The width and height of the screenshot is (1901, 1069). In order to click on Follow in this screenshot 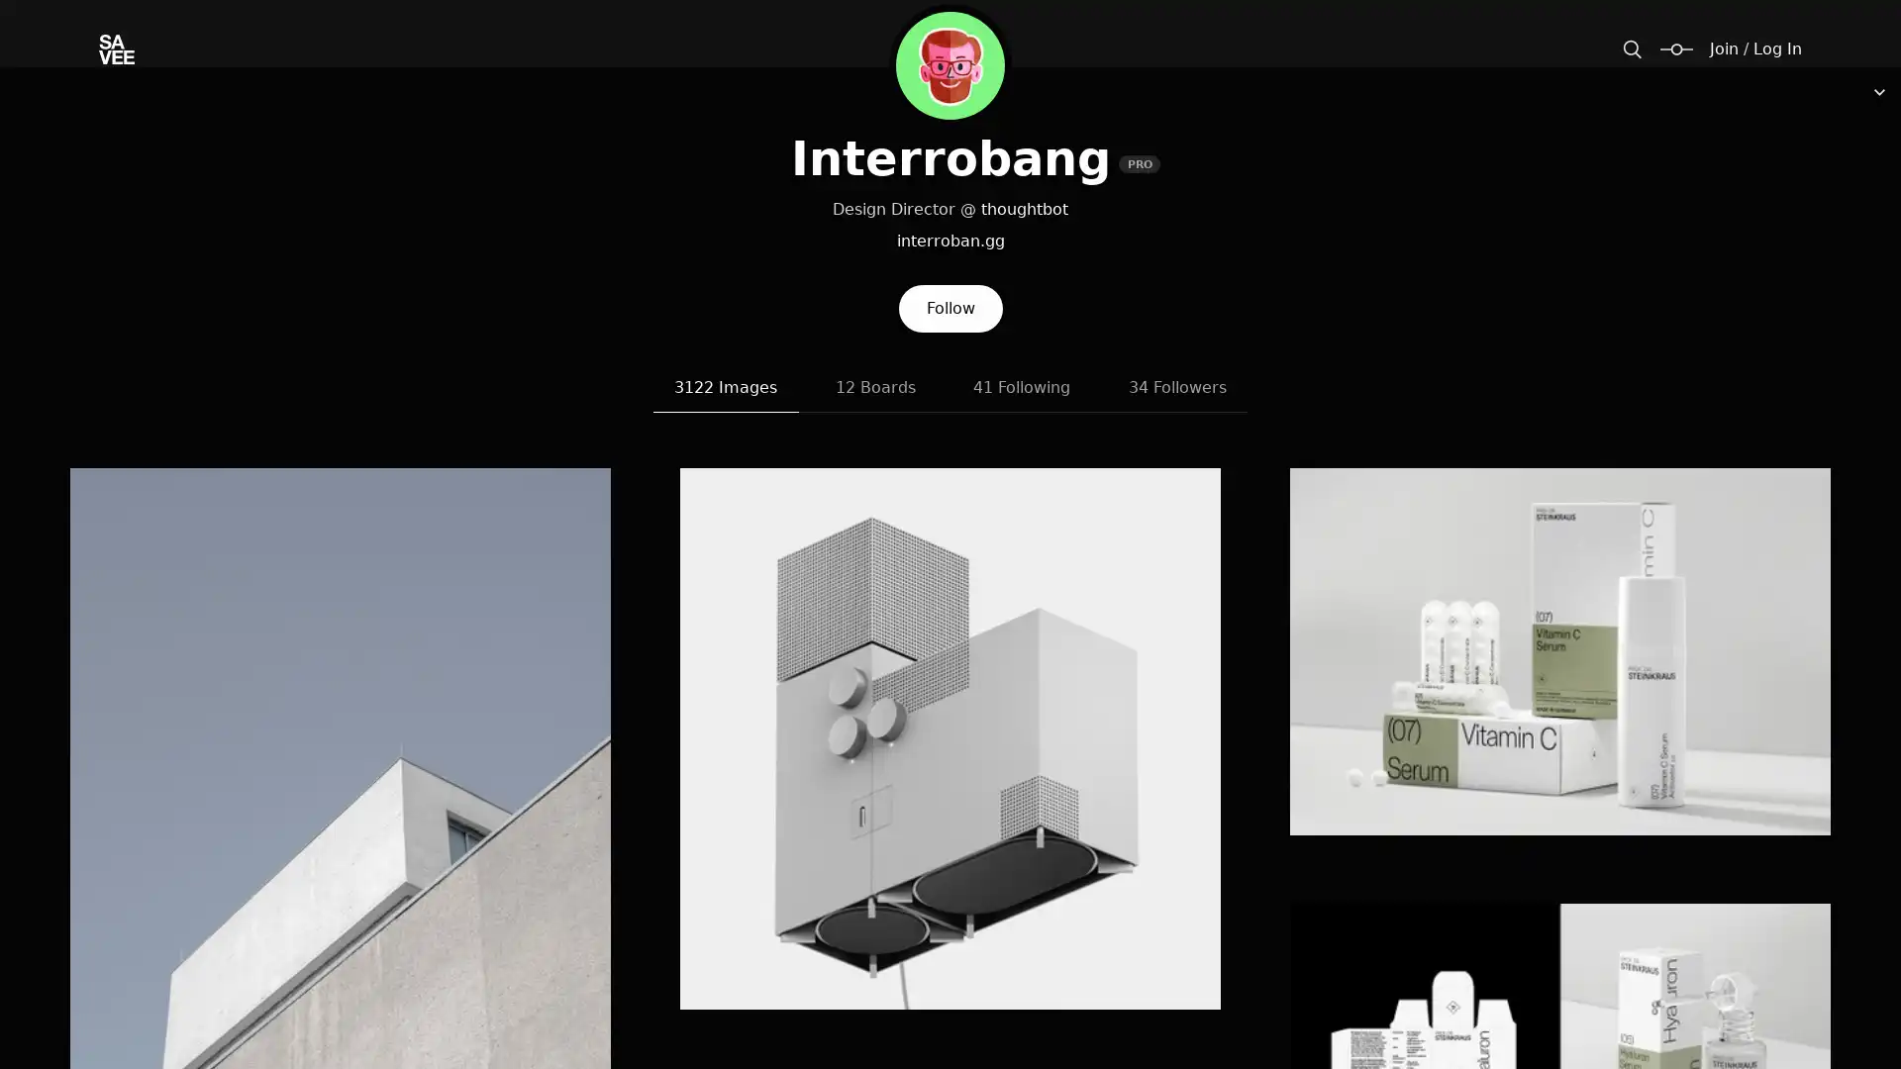, I will do `click(949, 342)`.